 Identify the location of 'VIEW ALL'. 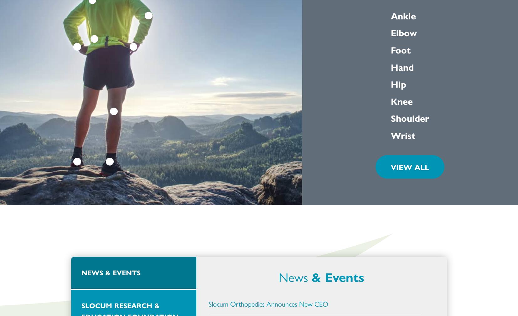
(391, 166).